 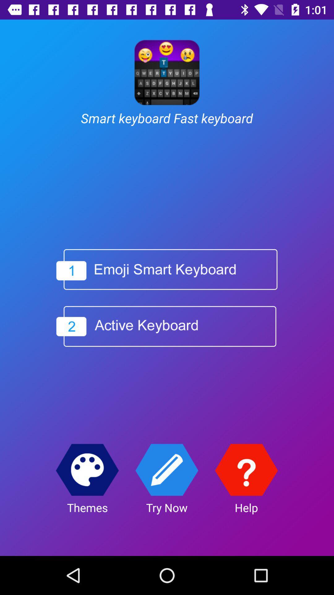 What do you see at coordinates (166, 269) in the screenshot?
I see `the icon below smart keyboard fast item` at bounding box center [166, 269].